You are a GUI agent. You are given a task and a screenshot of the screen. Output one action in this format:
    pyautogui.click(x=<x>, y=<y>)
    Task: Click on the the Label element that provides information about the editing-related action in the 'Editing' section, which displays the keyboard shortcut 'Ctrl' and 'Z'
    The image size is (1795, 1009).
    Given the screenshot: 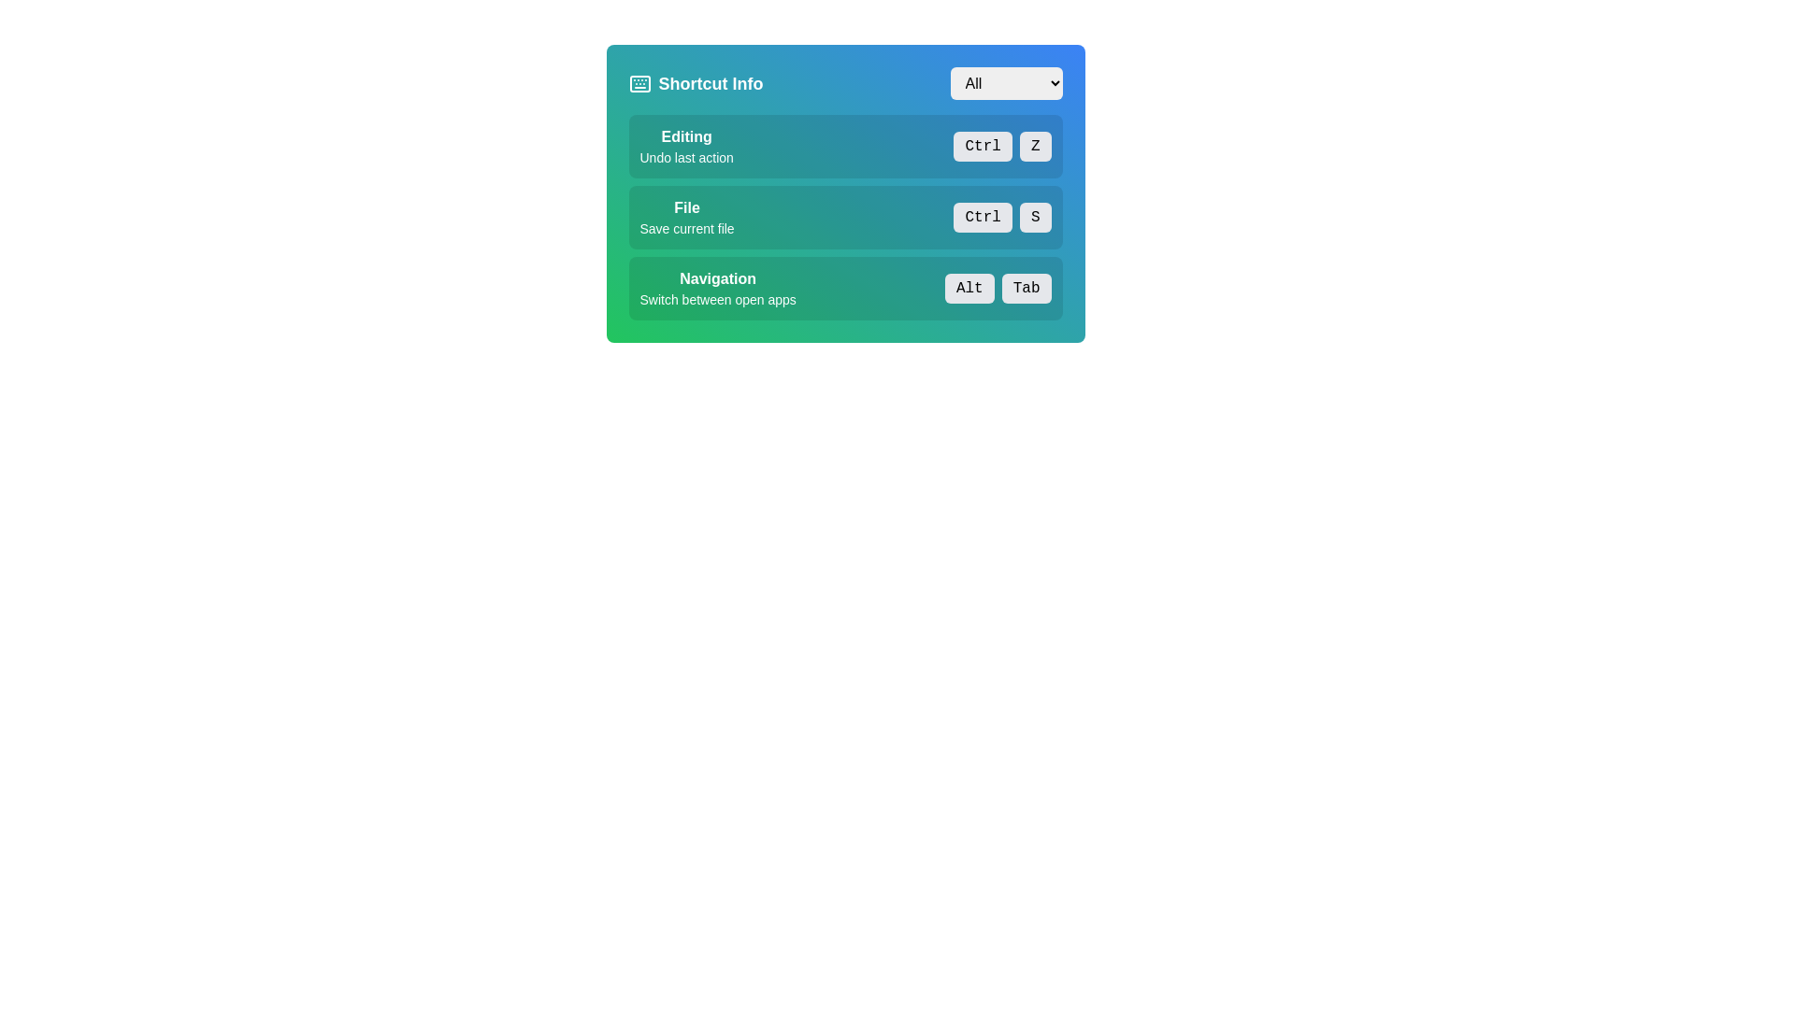 What is the action you would take?
    pyautogui.click(x=685, y=146)
    